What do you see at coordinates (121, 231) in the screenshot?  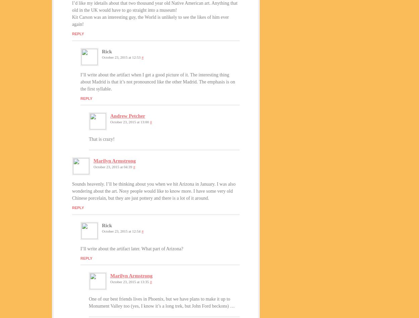 I see `'October 23, 2015 at 12:54'` at bounding box center [121, 231].